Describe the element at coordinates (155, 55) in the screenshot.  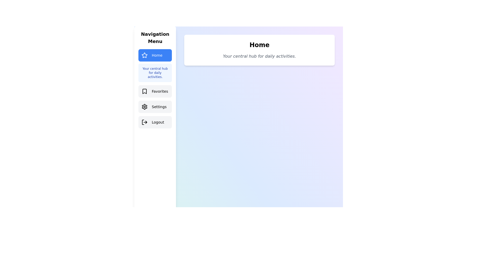
I see `the Home tab from the navigation menu` at that location.